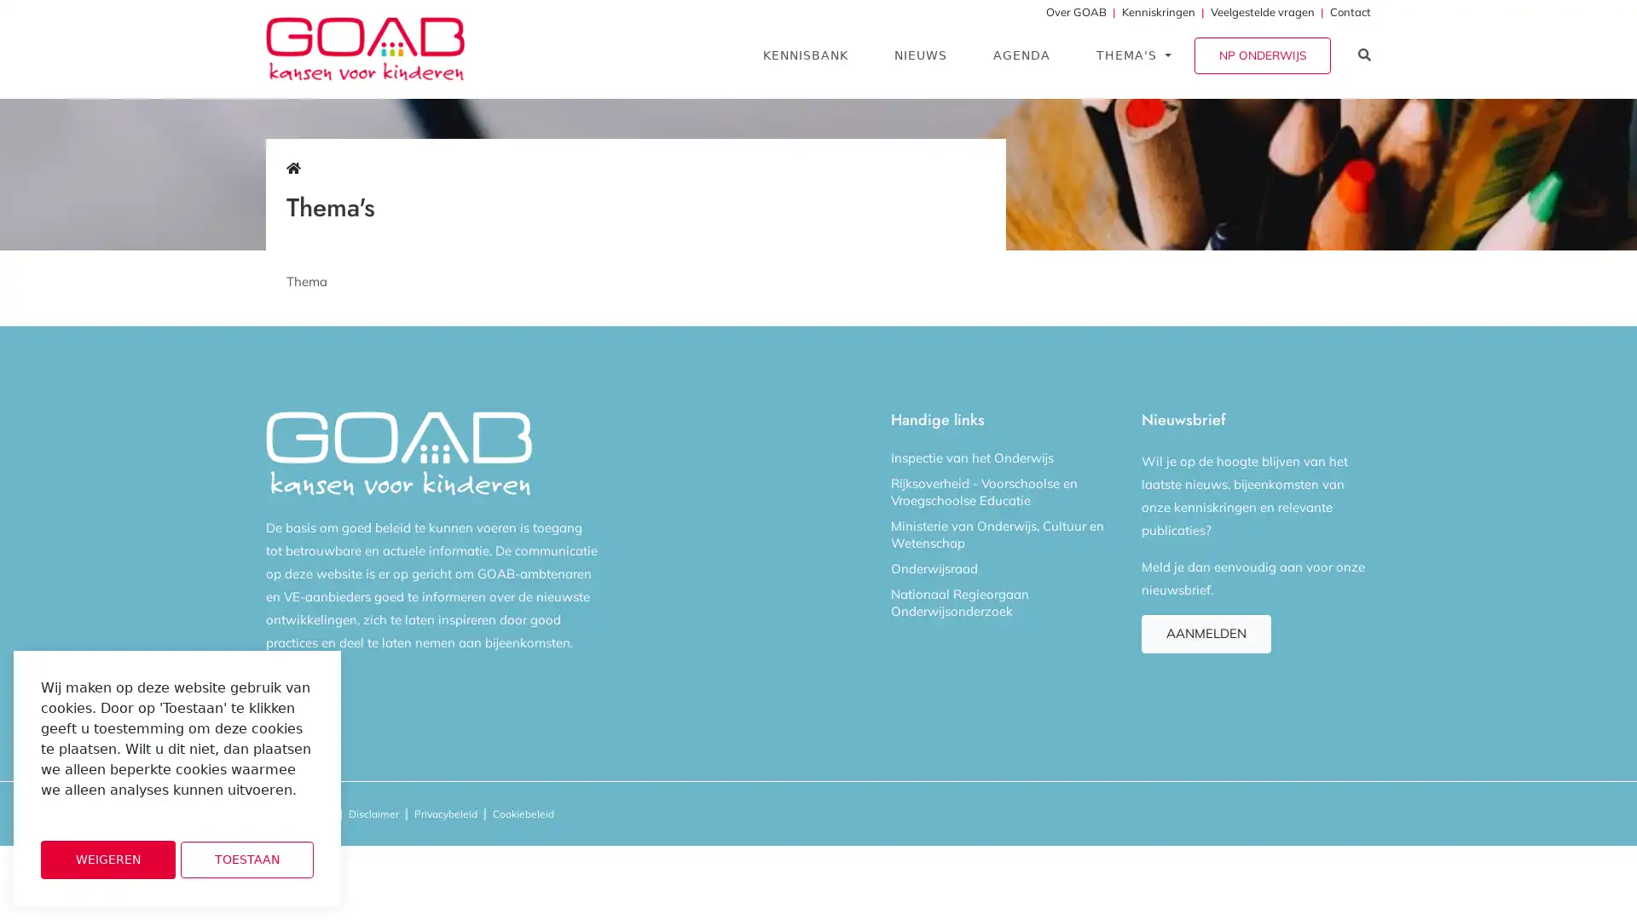 This screenshot has height=920, width=1637. I want to click on dismiss cookie message, so click(107, 860).